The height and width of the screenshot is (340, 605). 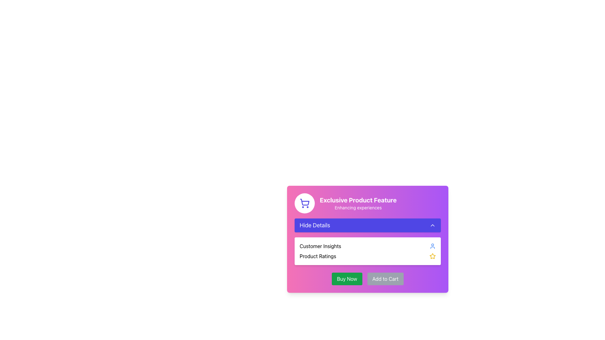 I want to click on the user profile icon located at the rightmost end of the 'Customer Insights' row, so click(x=432, y=246).